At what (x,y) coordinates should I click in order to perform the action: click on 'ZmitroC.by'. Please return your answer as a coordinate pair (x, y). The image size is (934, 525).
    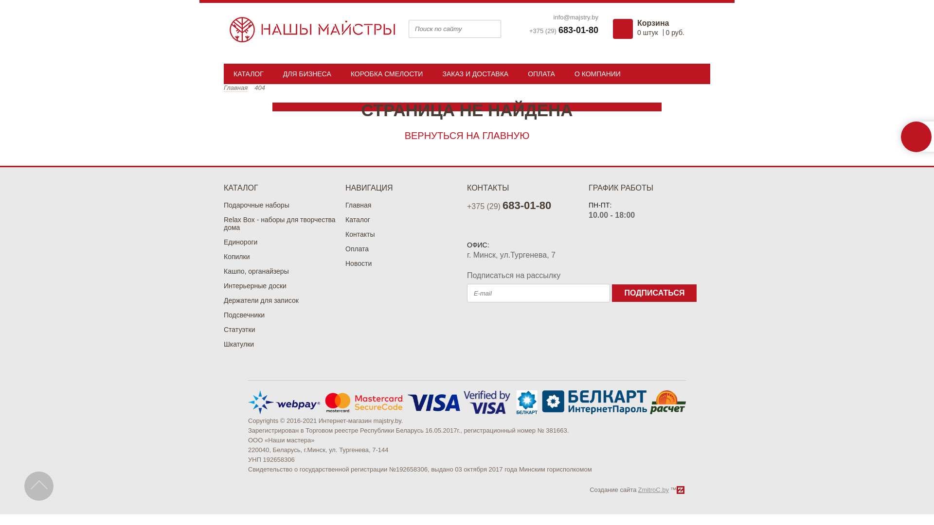
    Looking at the image, I should click on (653, 490).